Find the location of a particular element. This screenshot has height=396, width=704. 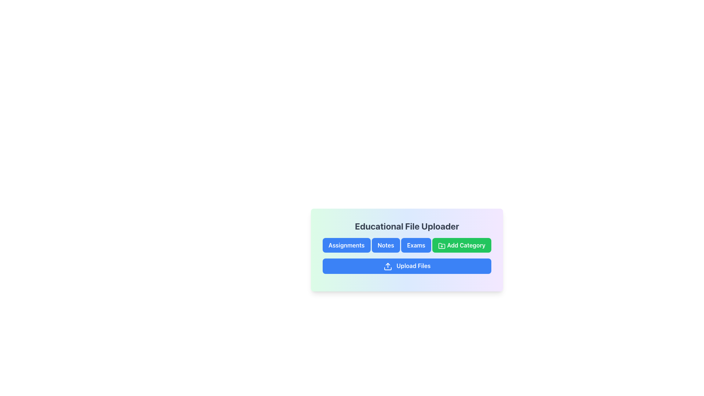

the 'Exams' button in the file management interface is located at coordinates (406, 249).